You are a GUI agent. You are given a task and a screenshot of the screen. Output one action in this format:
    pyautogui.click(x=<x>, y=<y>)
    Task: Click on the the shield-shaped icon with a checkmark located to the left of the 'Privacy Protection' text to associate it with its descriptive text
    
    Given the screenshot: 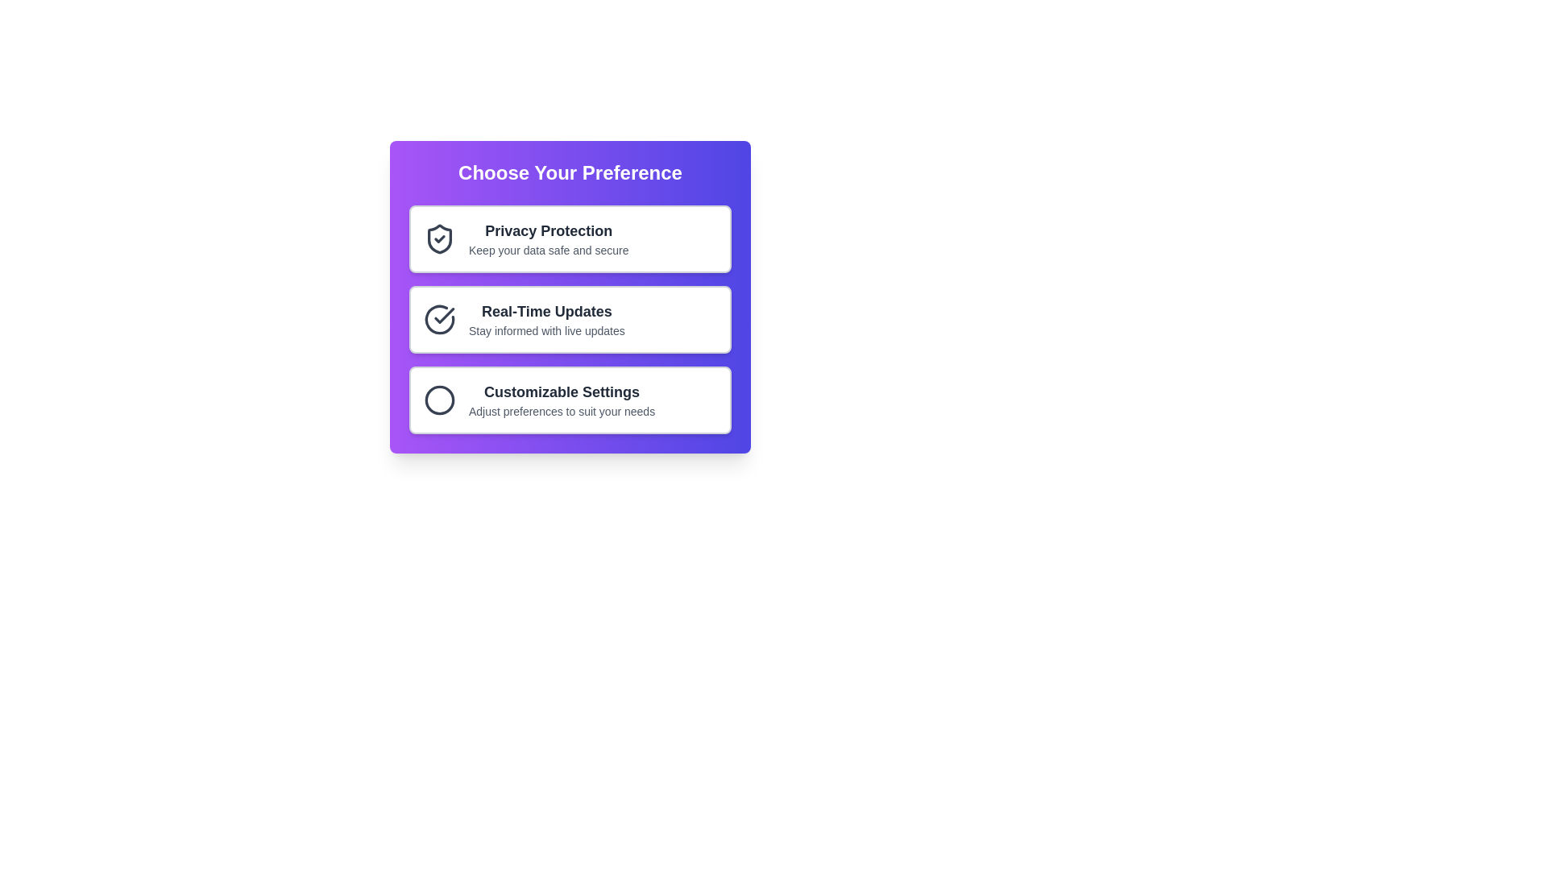 What is the action you would take?
    pyautogui.click(x=440, y=239)
    